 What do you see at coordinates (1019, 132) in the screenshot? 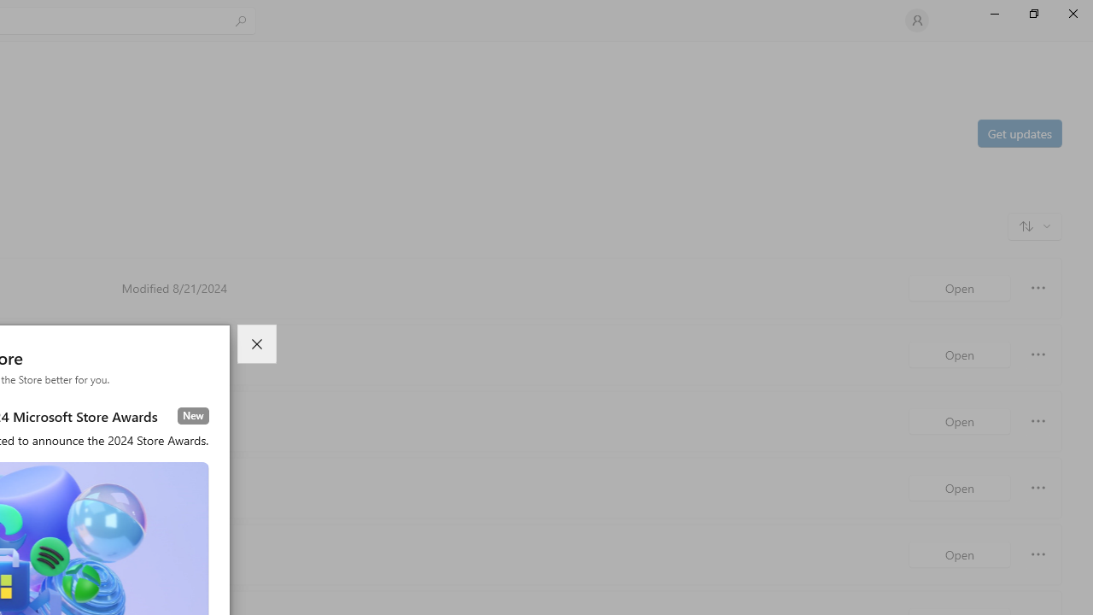
I see `'Get updates'` at bounding box center [1019, 132].